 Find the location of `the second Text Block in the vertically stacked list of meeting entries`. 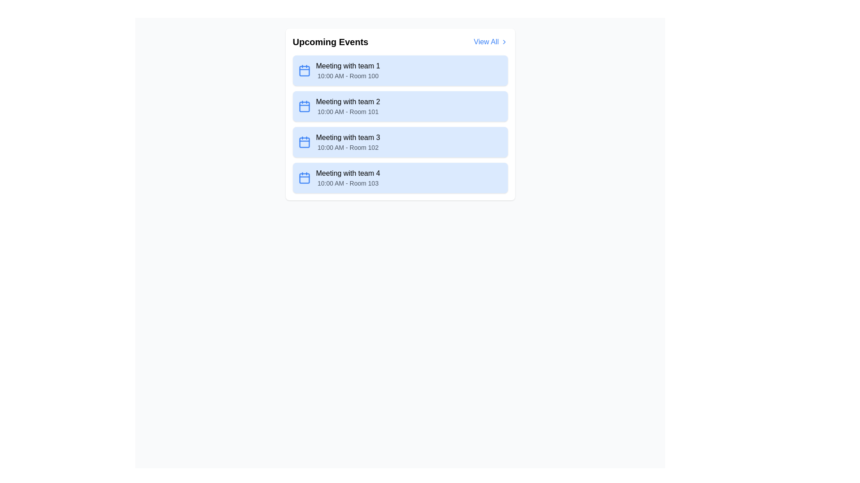

the second Text Block in the vertically stacked list of meeting entries is located at coordinates (348, 106).